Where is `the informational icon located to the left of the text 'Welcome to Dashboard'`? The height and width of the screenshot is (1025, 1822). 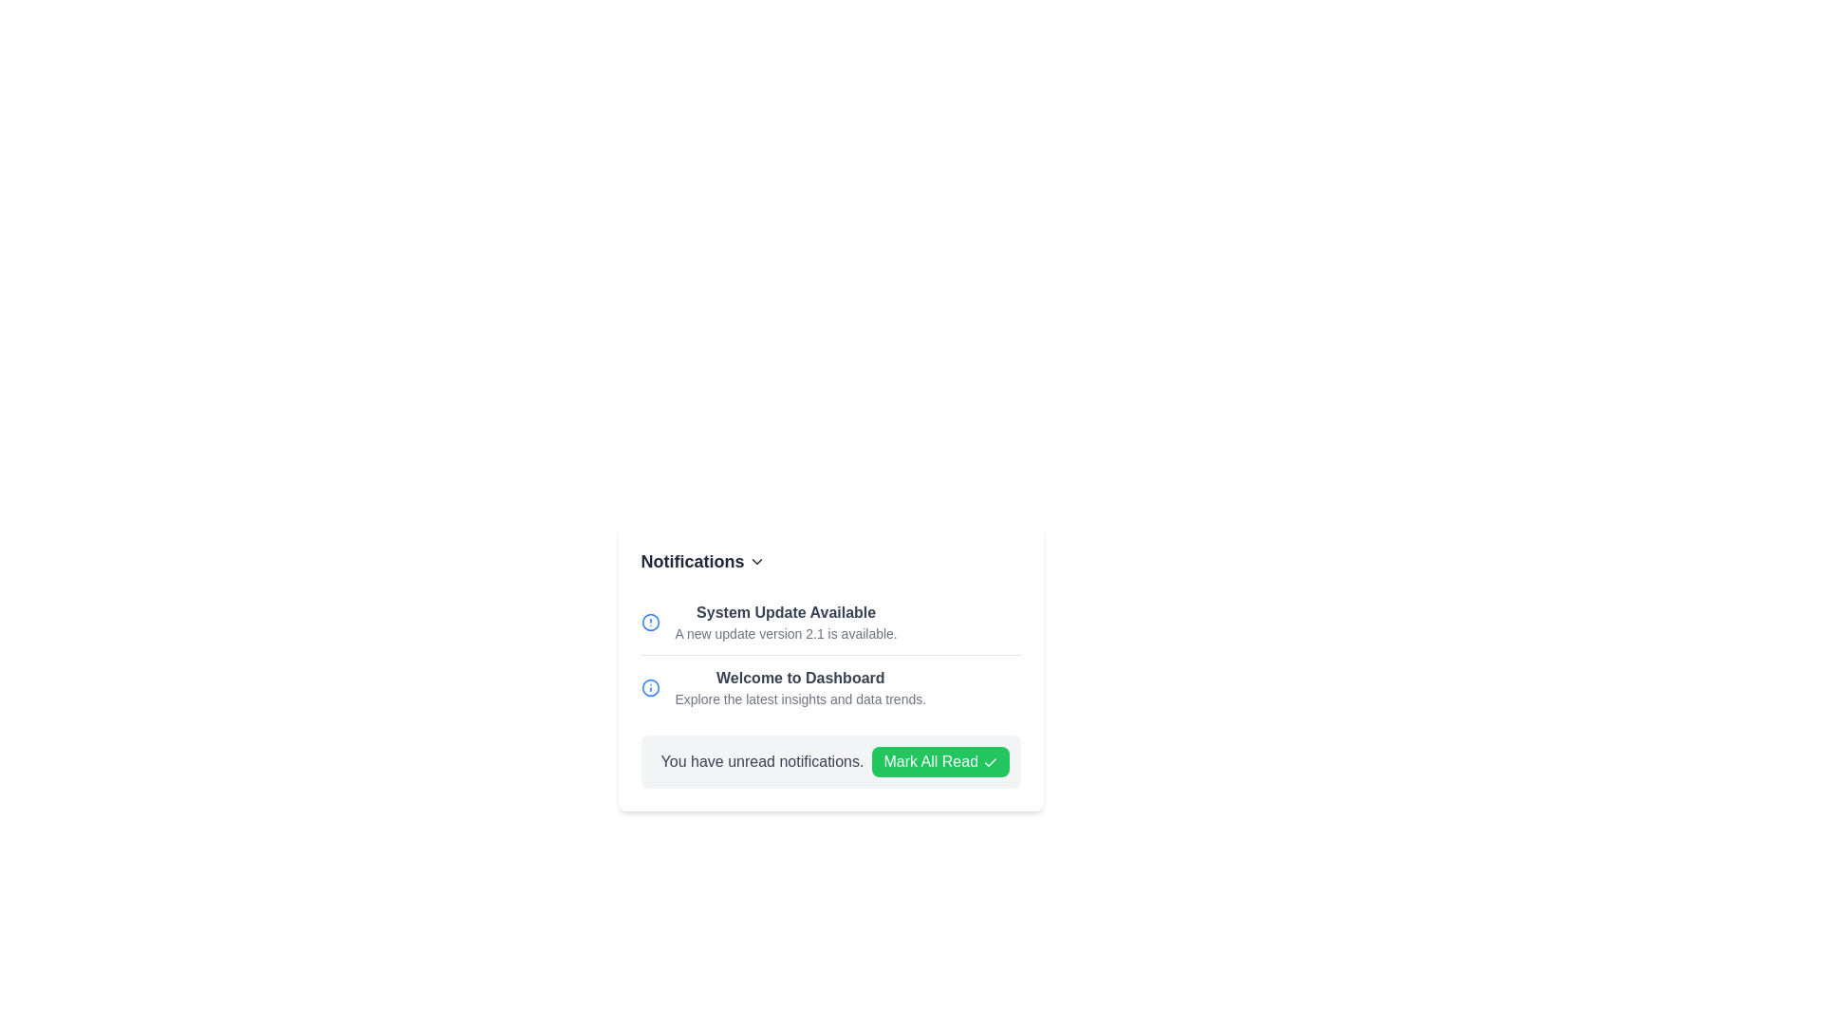
the informational icon located to the left of the text 'Welcome to Dashboard' is located at coordinates (650, 688).